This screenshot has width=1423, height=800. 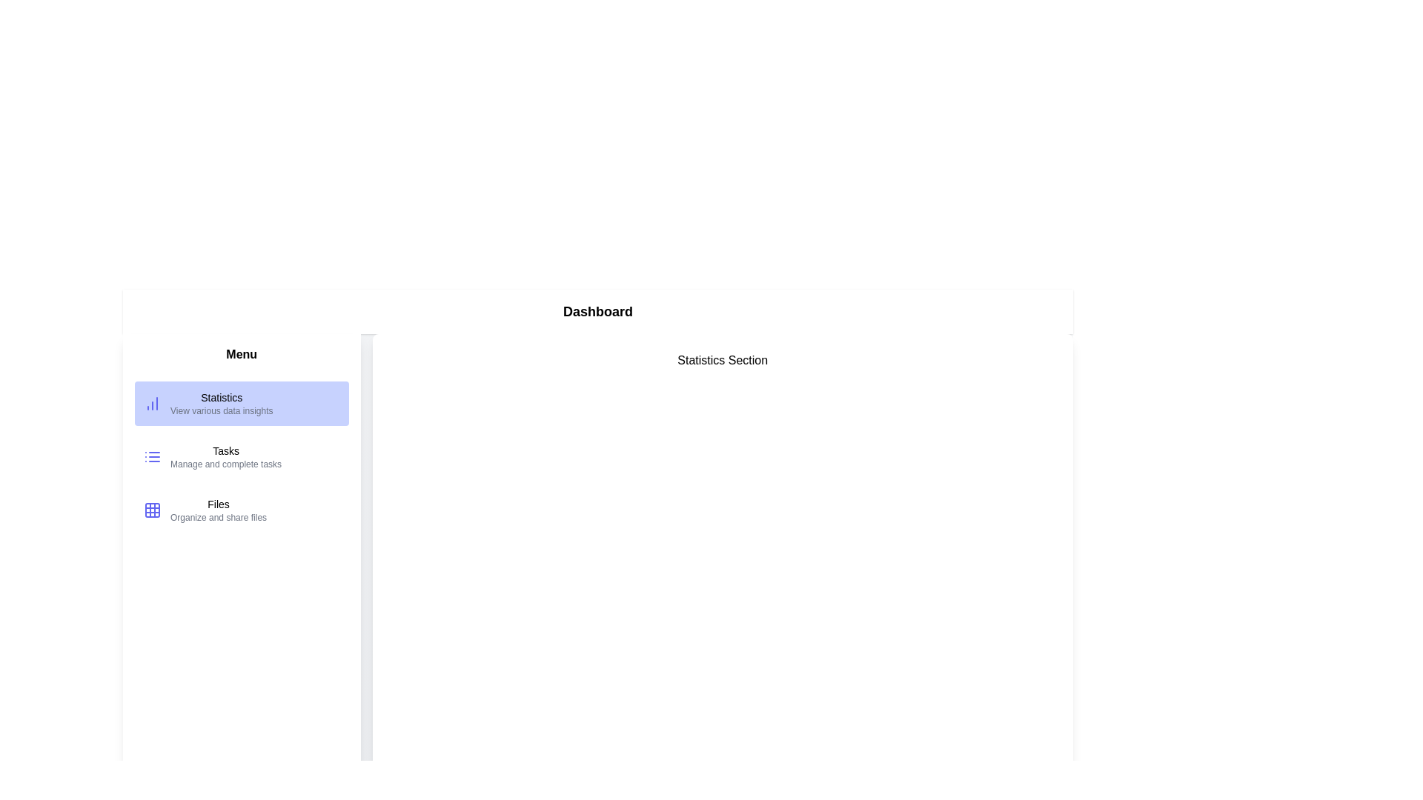 I want to click on the menu tab labeled Files to highlight it, so click(x=242, y=510).